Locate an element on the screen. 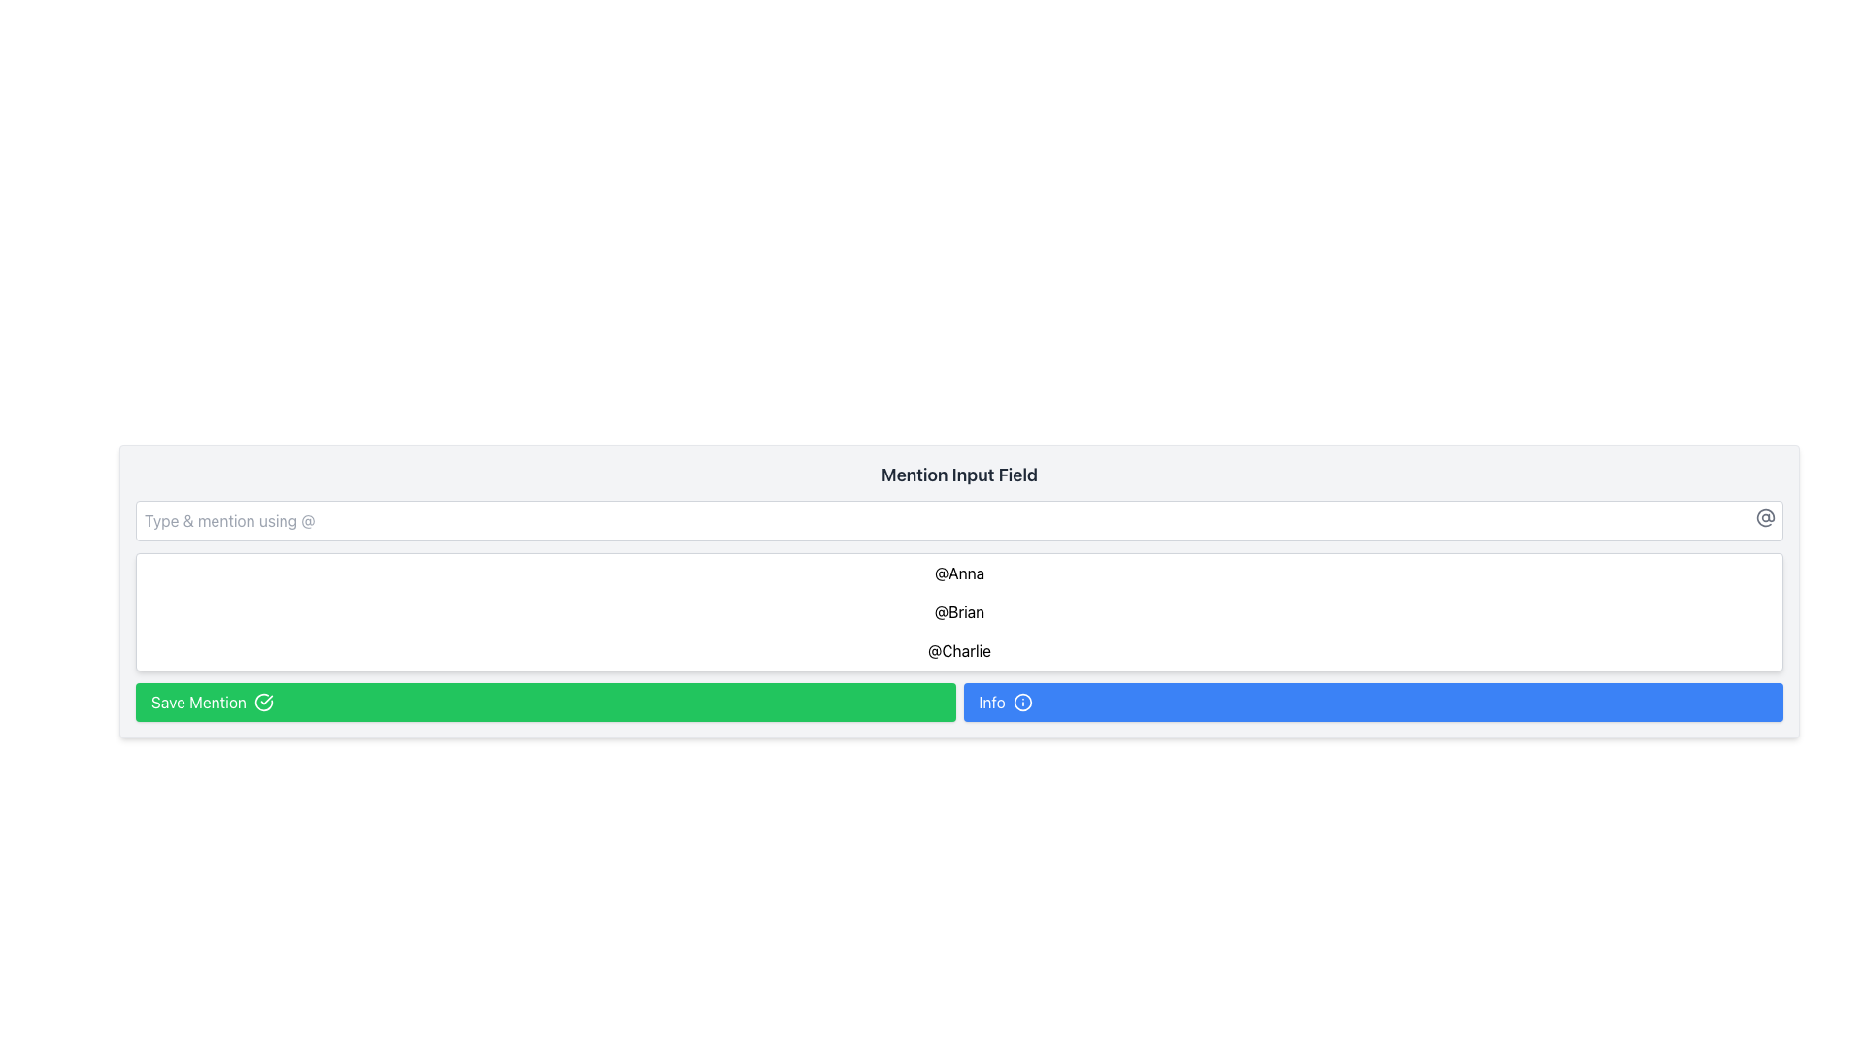 This screenshot has height=1048, width=1864. the save button located to the left of the 'Info' button, which has a blue background, to trigger visual feedback is located at coordinates (545, 703).